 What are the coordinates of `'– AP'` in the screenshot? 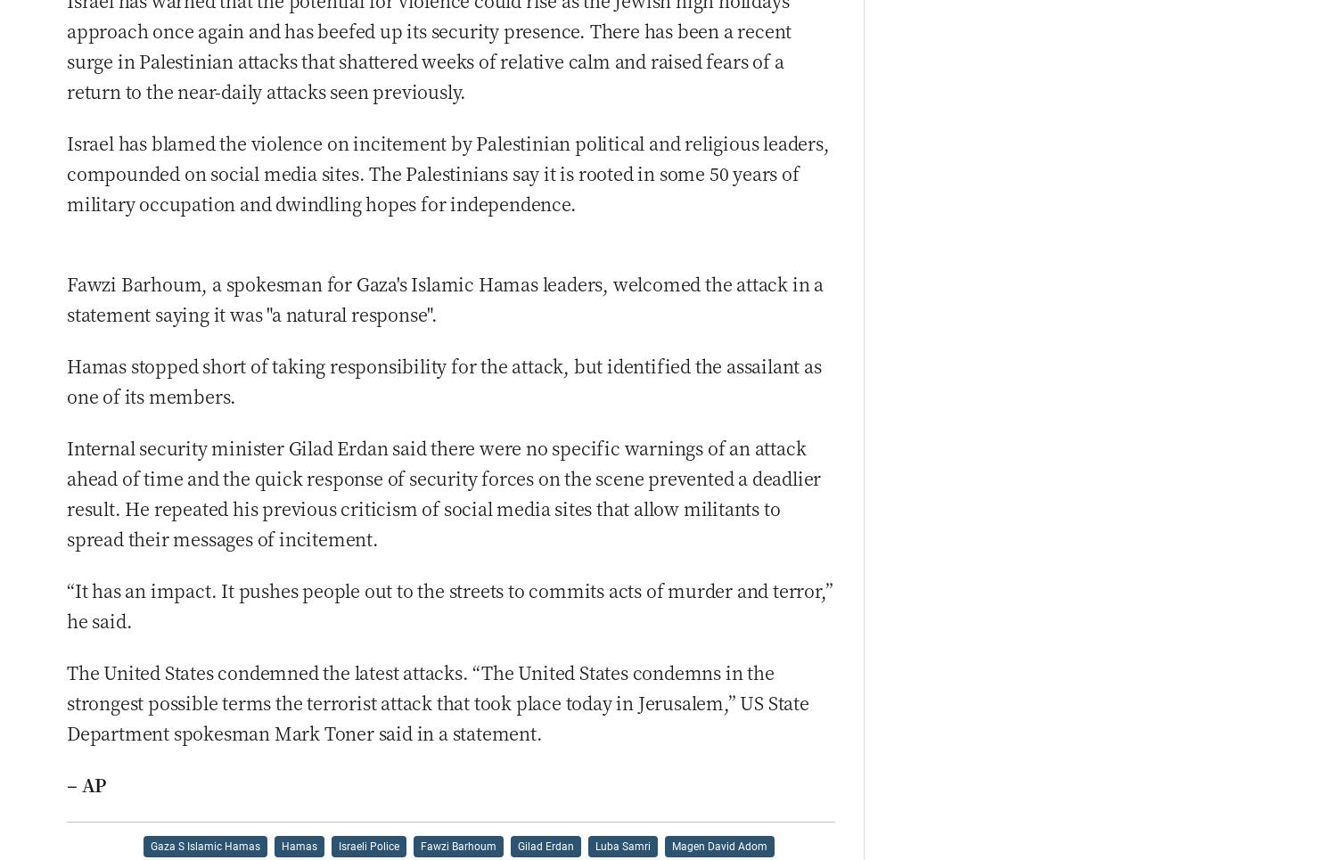 It's located at (86, 784).